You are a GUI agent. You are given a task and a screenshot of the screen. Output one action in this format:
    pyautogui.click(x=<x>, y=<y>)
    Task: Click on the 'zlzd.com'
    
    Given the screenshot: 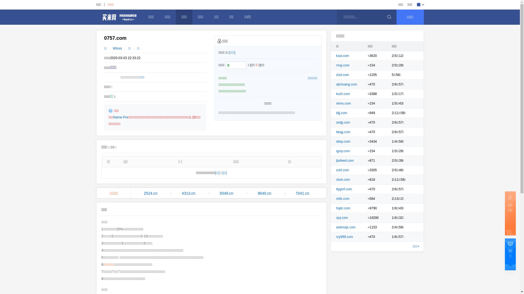 What is the action you would take?
    pyautogui.click(x=342, y=75)
    